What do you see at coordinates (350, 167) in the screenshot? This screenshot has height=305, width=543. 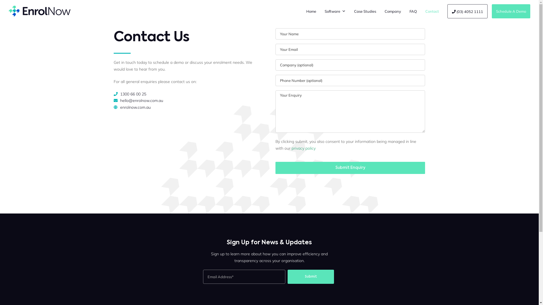 I see `'Submit Enquiry'` at bounding box center [350, 167].